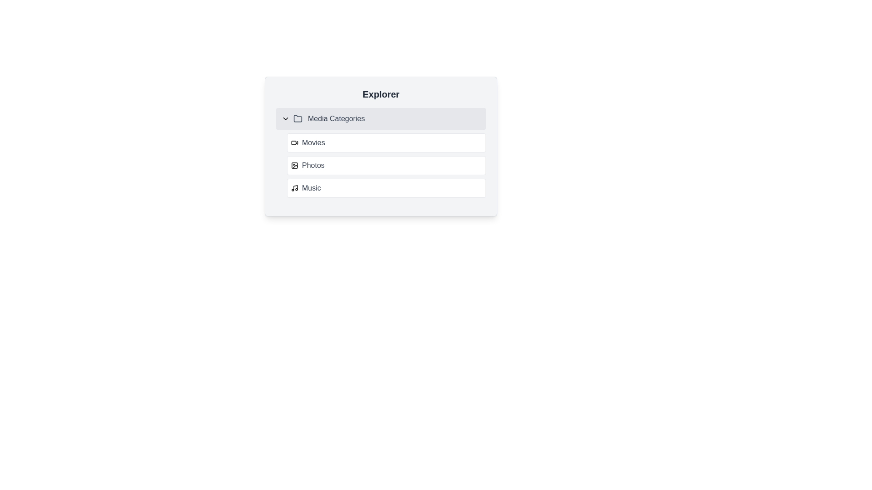  Describe the element at coordinates (285, 118) in the screenshot. I see `the Chevron-down toggle icon that expands or collapses the 'Media Categories' section, located at the far left of the text in this section` at that location.